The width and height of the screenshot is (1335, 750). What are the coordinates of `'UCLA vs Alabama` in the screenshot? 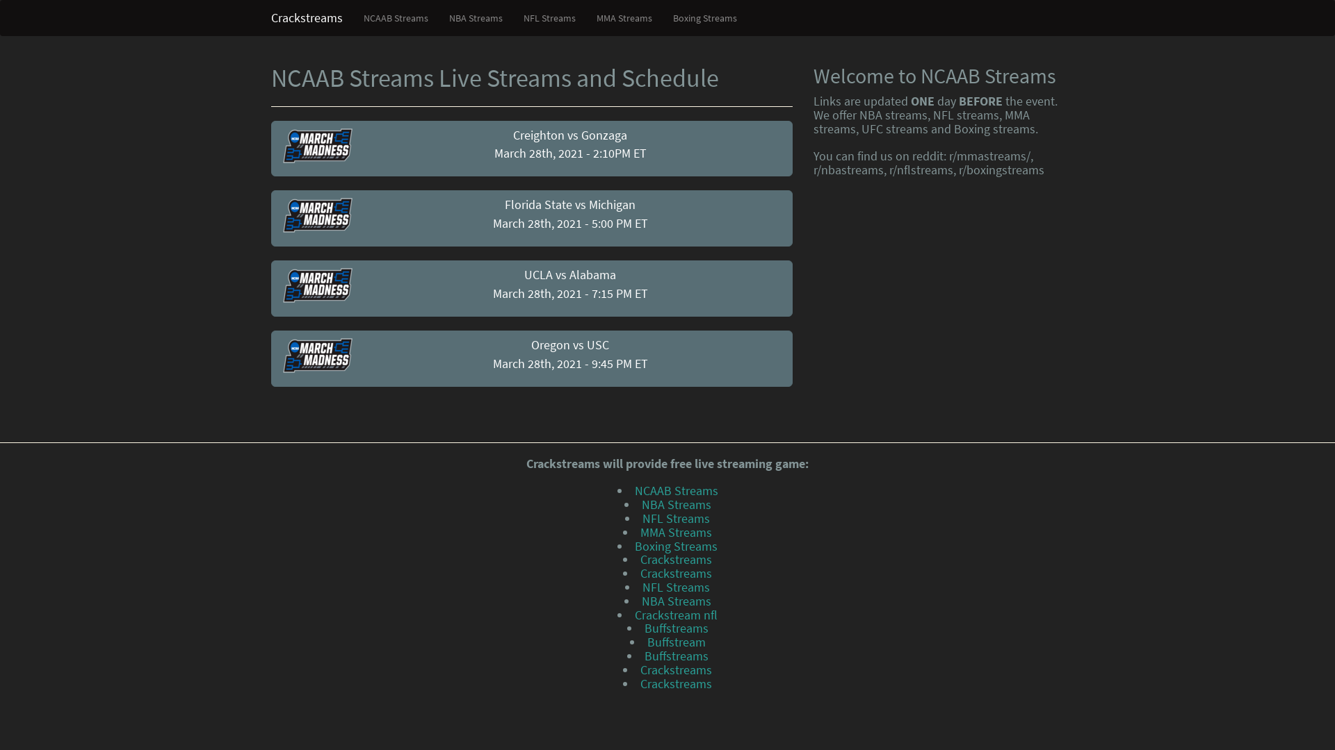 It's located at (531, 287).